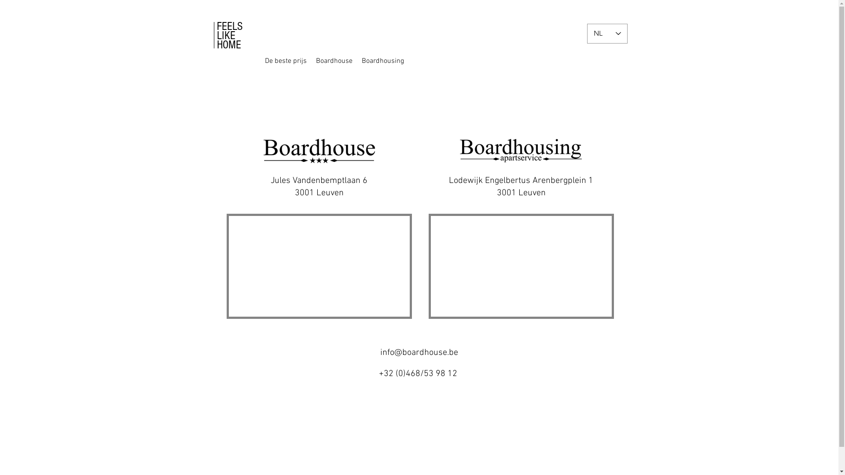  Describe the element at coordinates (380, 352) in the screenshot. I see `'info@boardhouse.be'` at that location.